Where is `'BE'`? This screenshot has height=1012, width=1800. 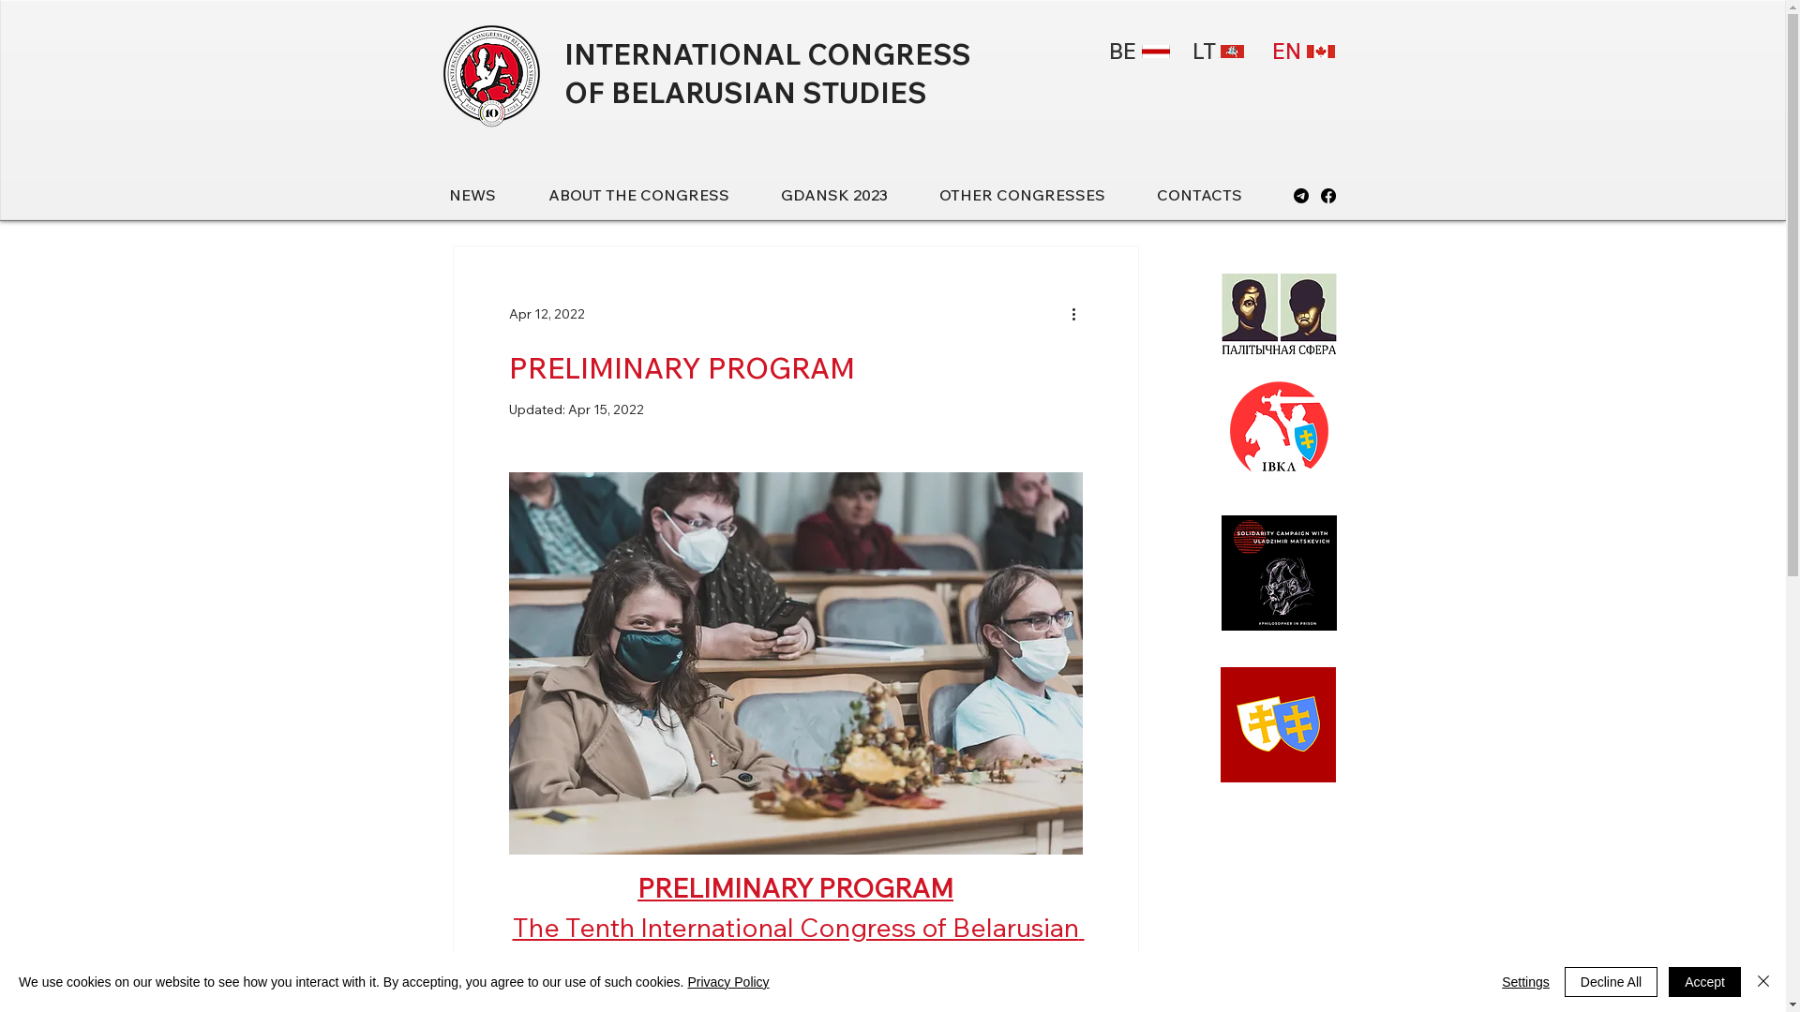
'BE' is located at coordinates (1134, 50).